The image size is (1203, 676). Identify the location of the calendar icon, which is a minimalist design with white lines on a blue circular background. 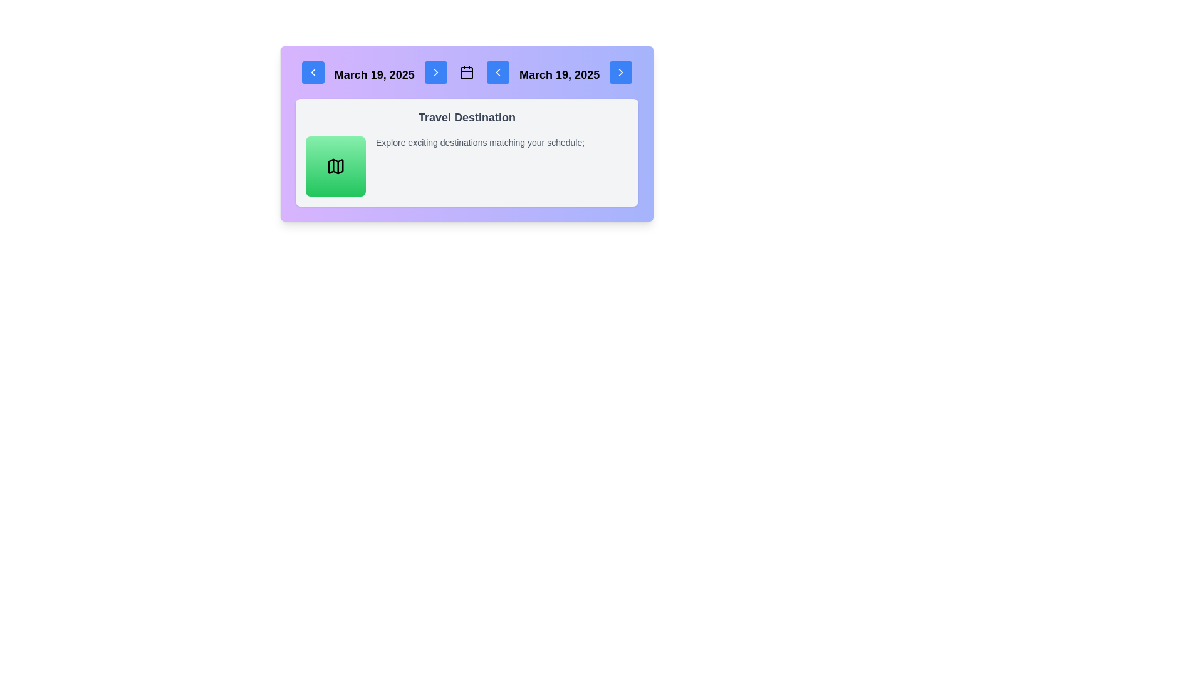
(466, 72).